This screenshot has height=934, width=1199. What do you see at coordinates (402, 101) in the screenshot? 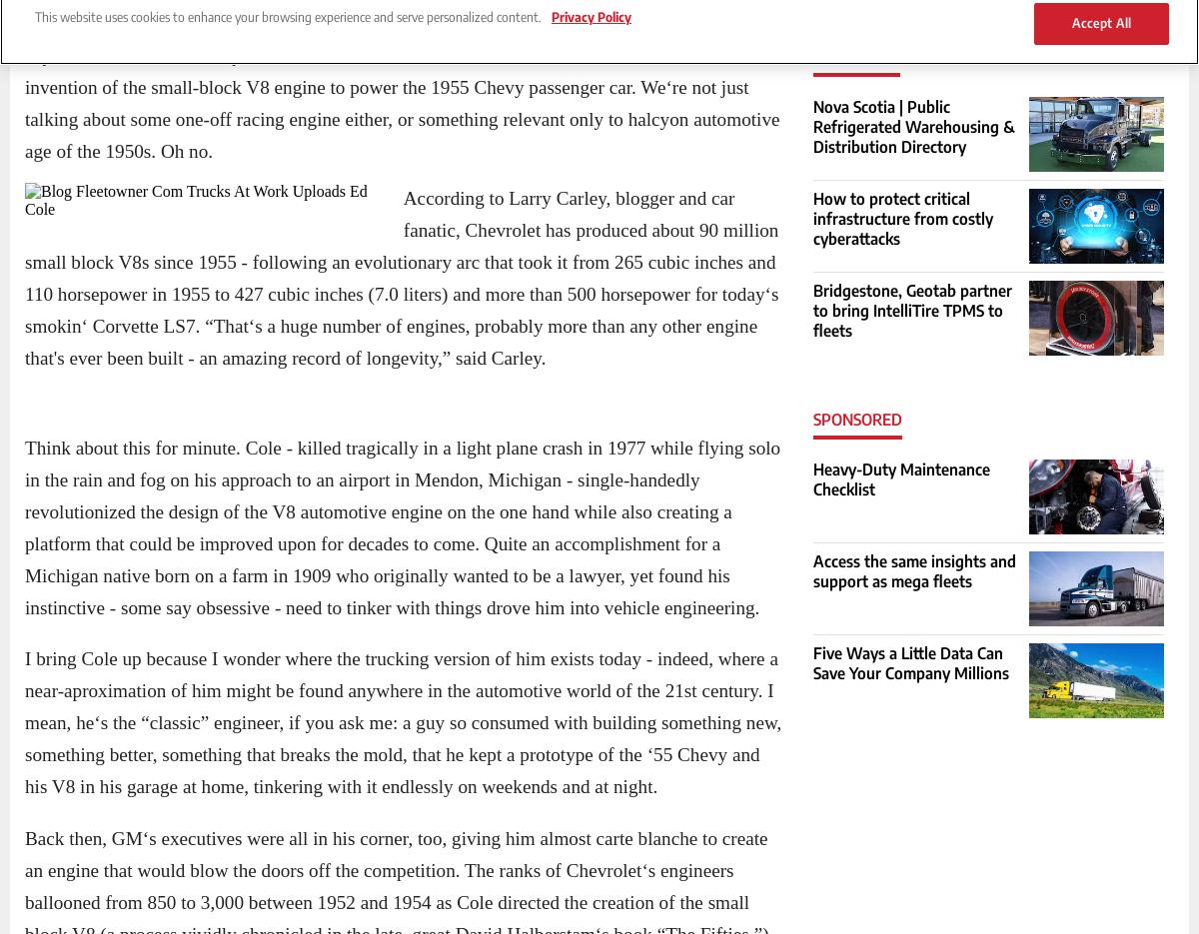
I see `'If you are a car enthusiast, you know who Edward Nicholas Cole is - the man who directed the invention of the small-block V8 engine to power the 1955 Chevy passenger car. We‘re not just talking about some one-off racing engine either, or something relevant only to halcyon automotive age of the 1950s. Oh no.'` at bounding box center [402, 101].